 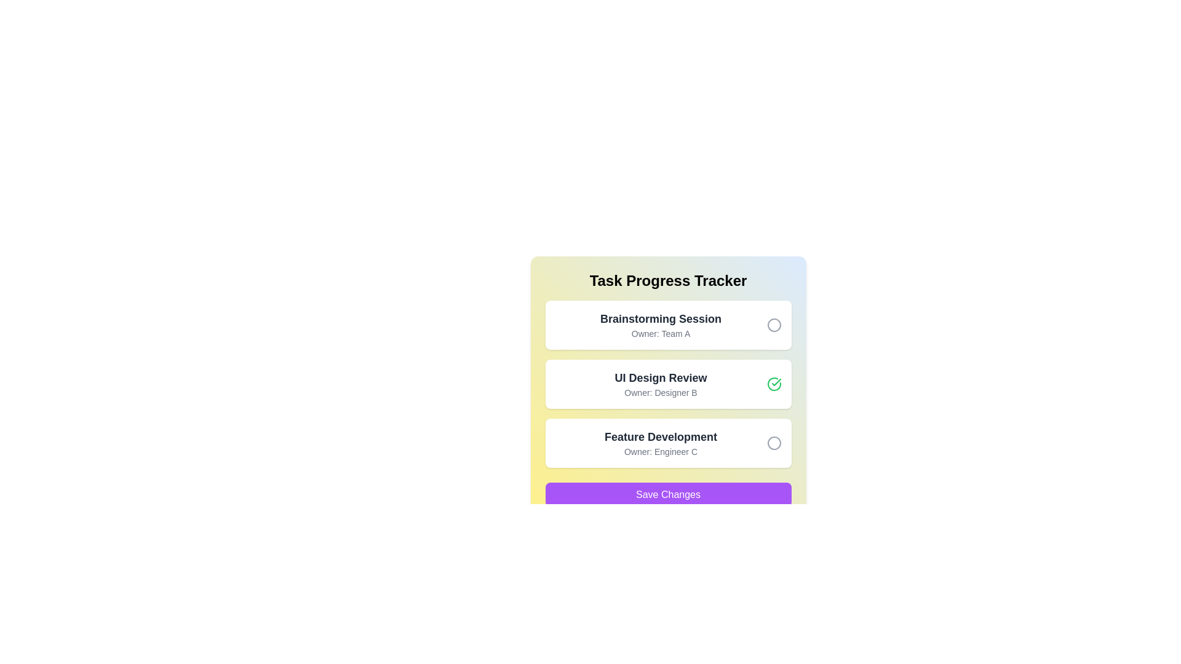 What do you see at coordinates (660, 436) in the screenshot?
I see `the text element labeled 'Feature Development'` at bounding box center [660, 436].